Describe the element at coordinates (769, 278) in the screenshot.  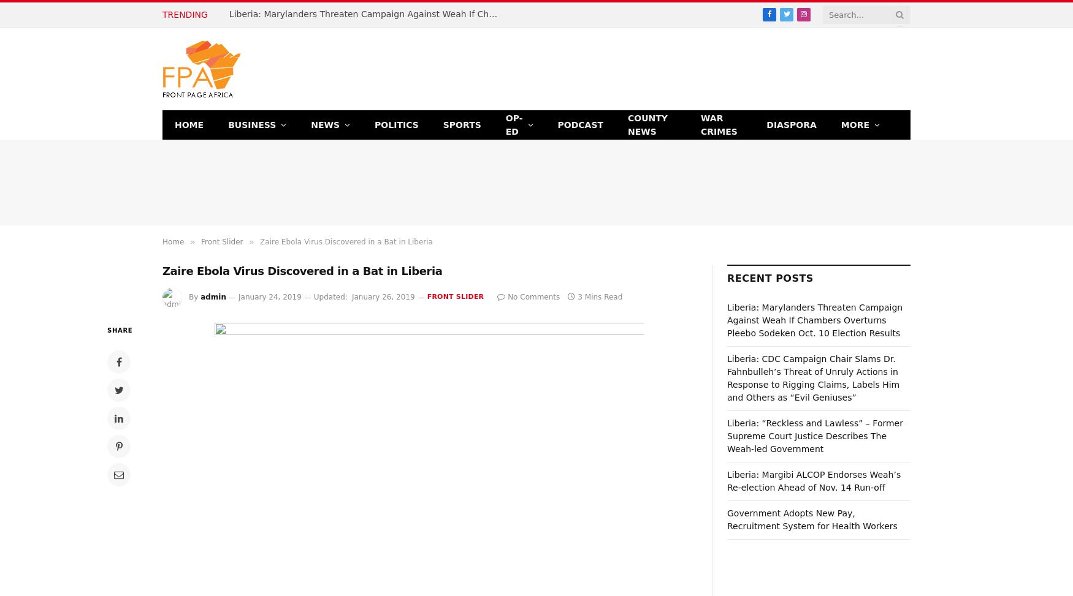
I see `'Recent Posts'` at that location.